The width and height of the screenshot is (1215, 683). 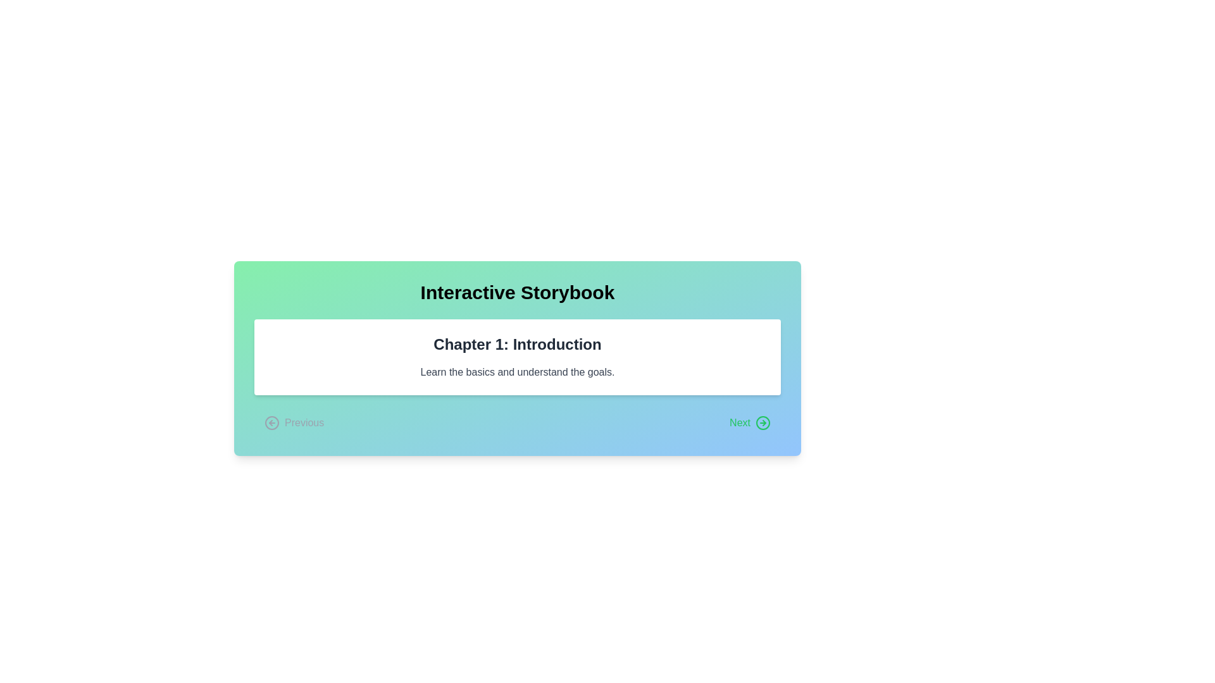 What do you see at coordinates (294, 422) in the screenshot?
I see `the 'Previous' button to navigate to the previous chapter` at bounding box center [294, 422].